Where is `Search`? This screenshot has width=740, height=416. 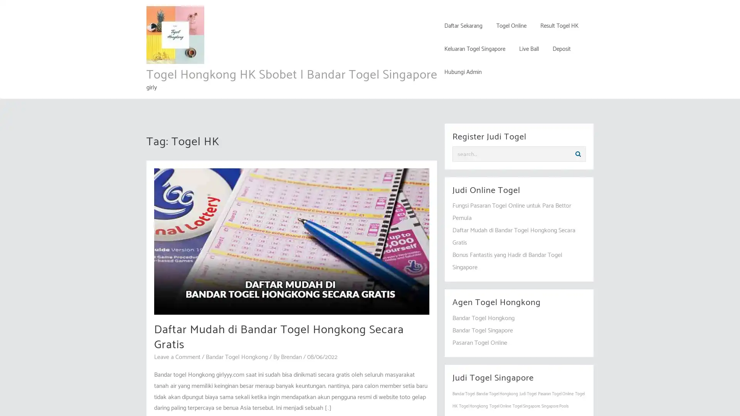 Search is located at coordinates (578, 154).